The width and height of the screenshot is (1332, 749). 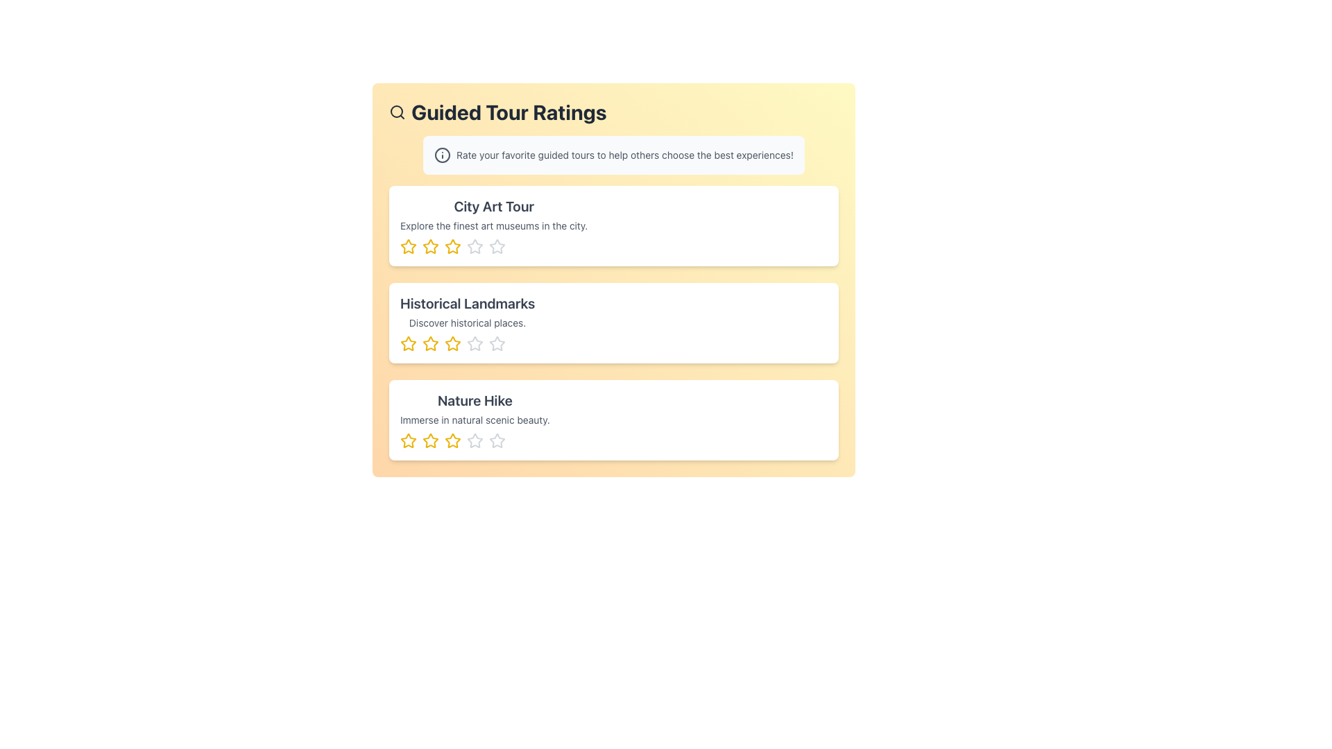 What do you see at coordinates (452, 246) in the screenshot?
I see `the third star icon from the left used for user rating of the 'City Art Tour'` at bounding box center [452, 246].